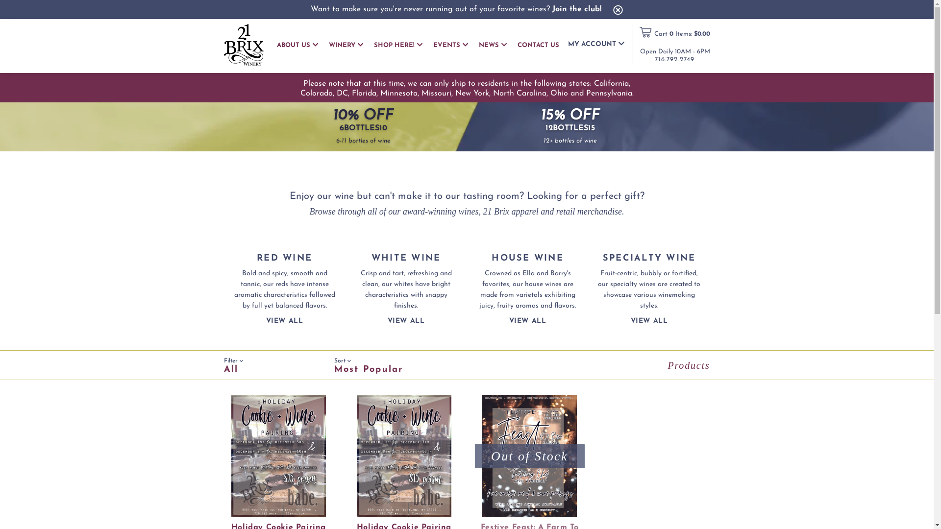 Image resolution: width=941 pixels, height=529 pixels. I want to click on 'Cart 0 Items: $0.00', so click(681, 33).